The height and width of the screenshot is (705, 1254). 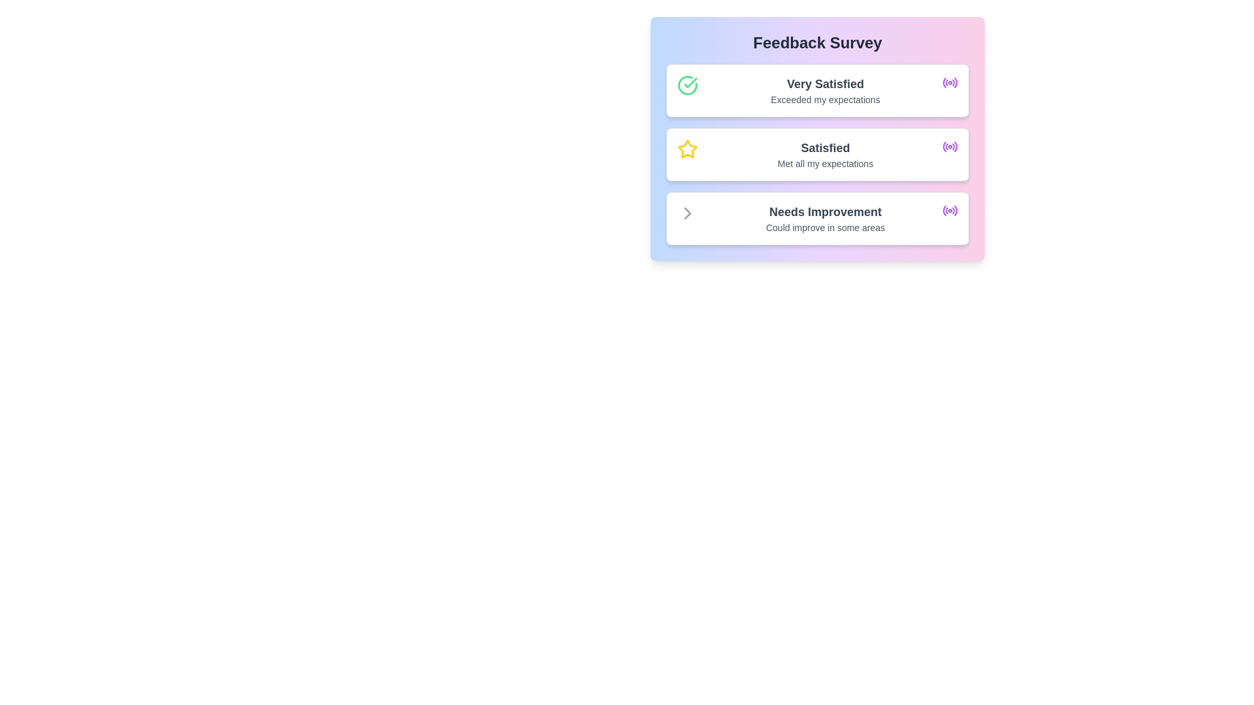 I want to click on the static text label displaying 'Met all my expectations', which is located below the 'Satisfied' label in the feedback rating section, so click(x=824, y=163).